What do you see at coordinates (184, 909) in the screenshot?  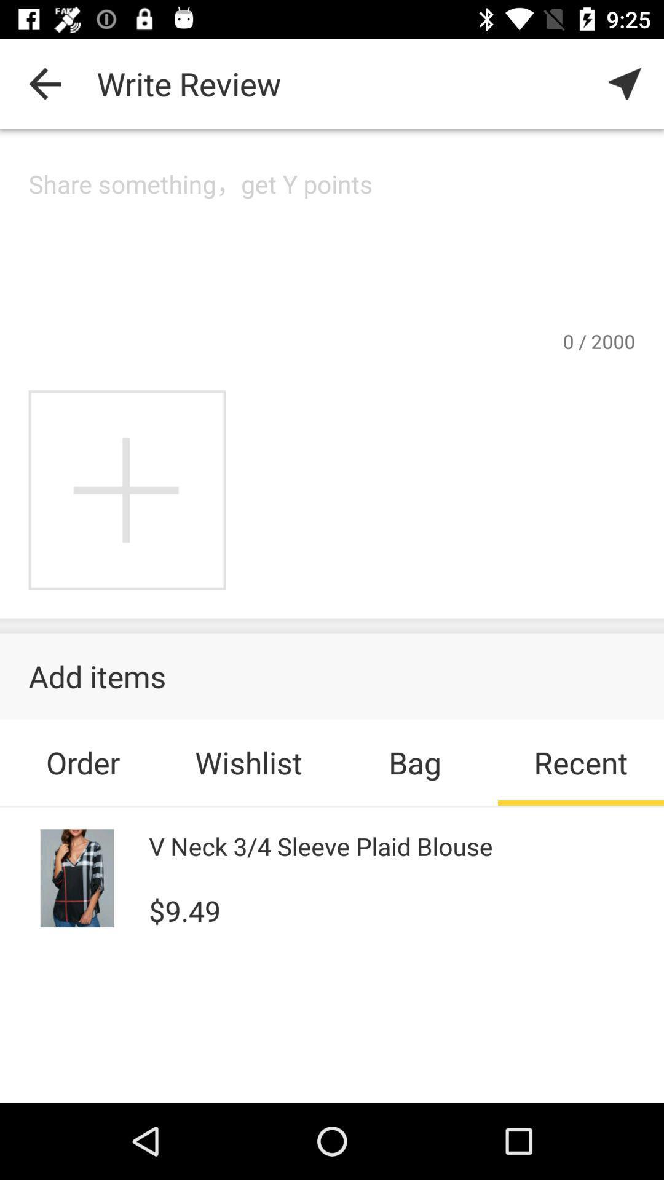 I see `the item below v neck 3 icon` at bounding box center [184, 909].